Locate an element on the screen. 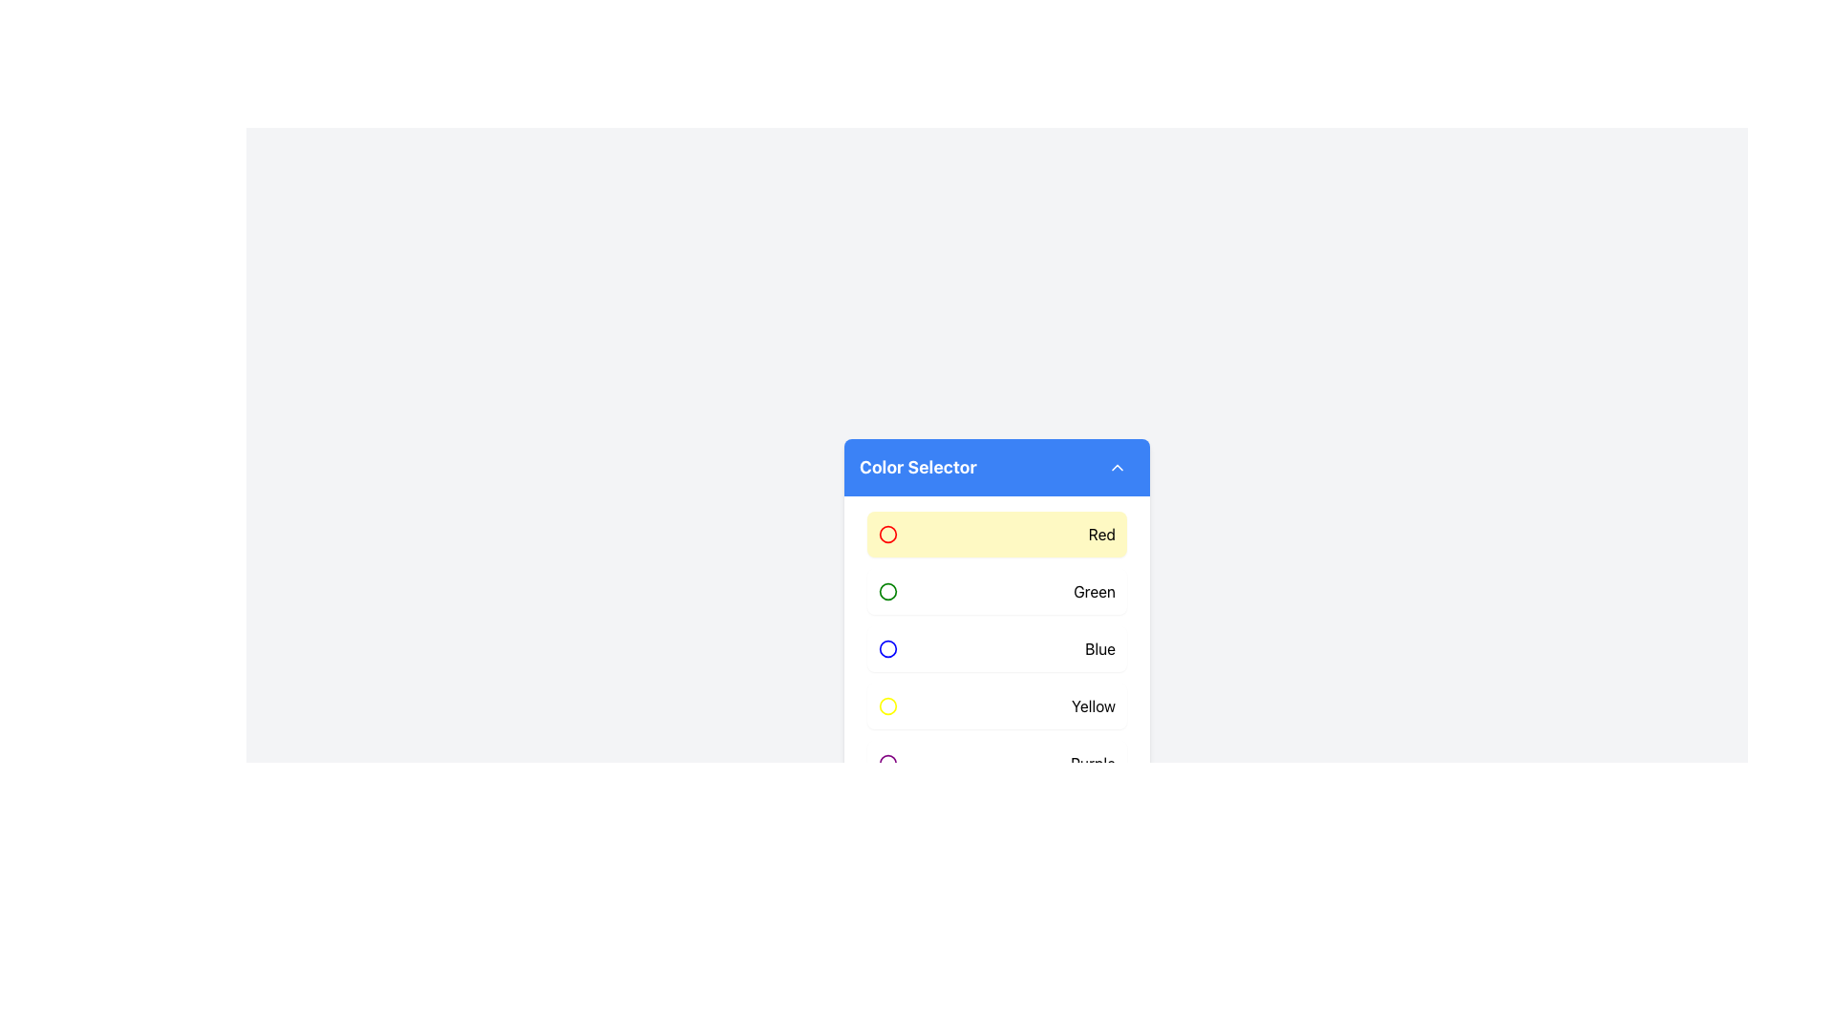 The image size is (1834, 1031). the text label displaying the word 'Blue', which is aligned horizontally with other elements in a list format is located at coordinates (1100, 647).